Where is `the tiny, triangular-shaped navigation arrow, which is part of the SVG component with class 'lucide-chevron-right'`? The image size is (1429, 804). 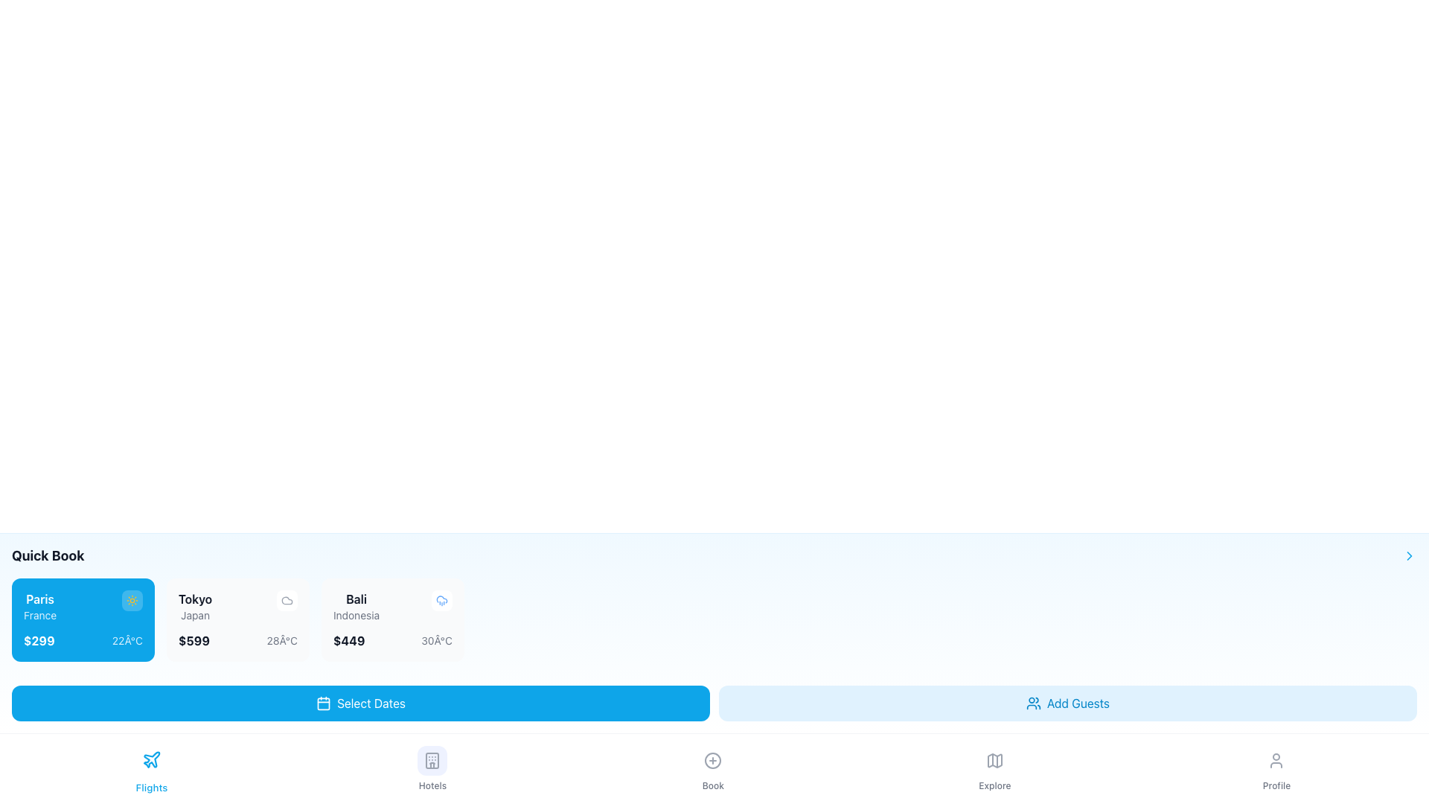
the tiny, triangular-shaped navigation arrow, which is part of the SVG component with class 'lucide-chevron-right' is located at coordinates (1409, 556).